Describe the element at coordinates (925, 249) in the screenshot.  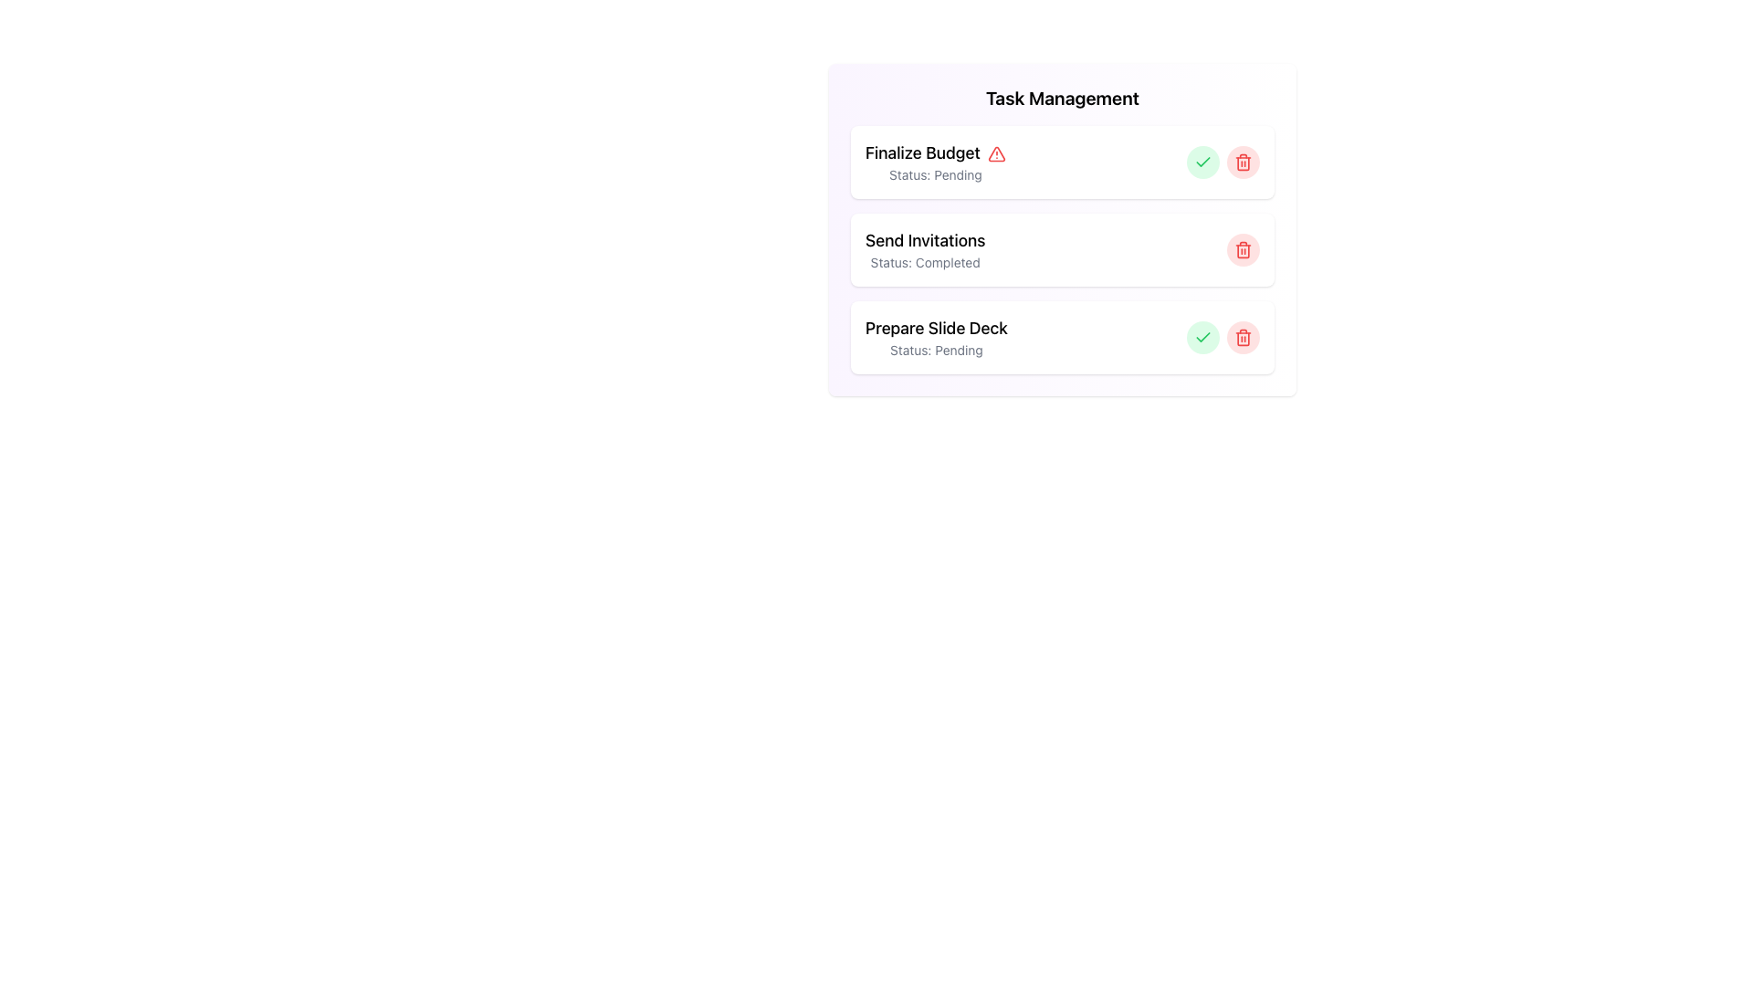
I see `the Text Display Component that shows the title and completion status of the task labeled 'Send Invitations' in the Task Management section` at that location.